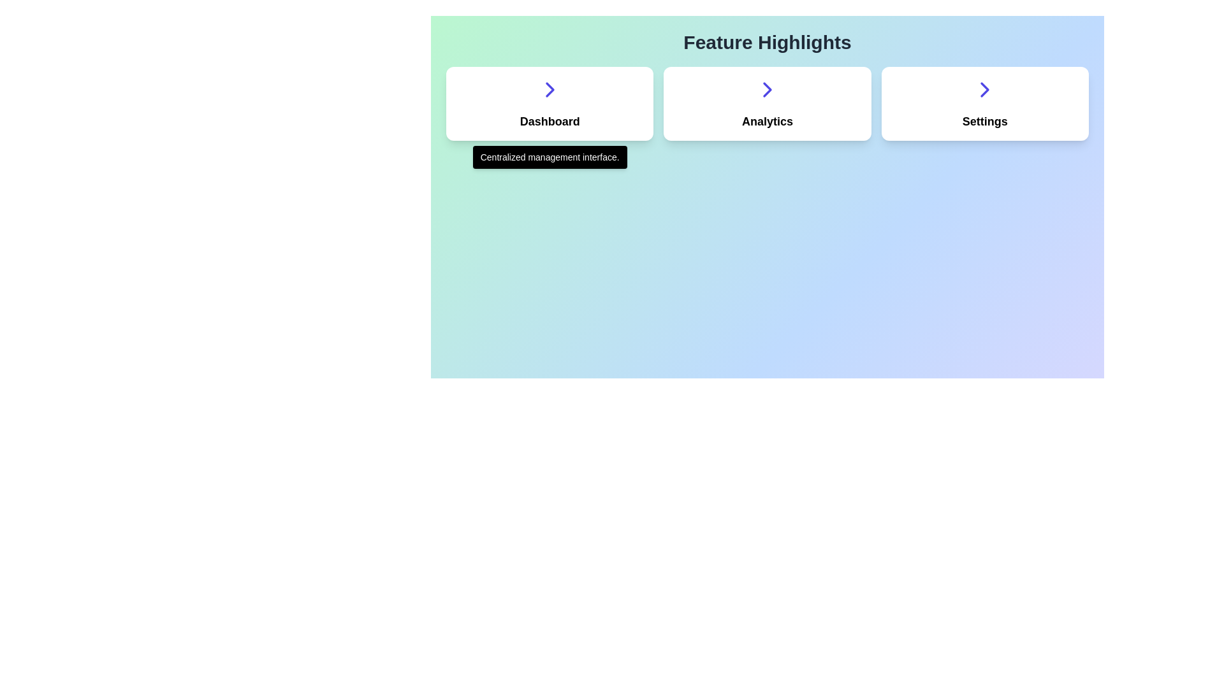 Image resolution: width=1224 pixels, height=688 pixels. I want to click on the 'Dashboard' text label inside the first card on the left in the 'Feature Highlights' section, which identifies the functionality of the card, so click(550, 122).